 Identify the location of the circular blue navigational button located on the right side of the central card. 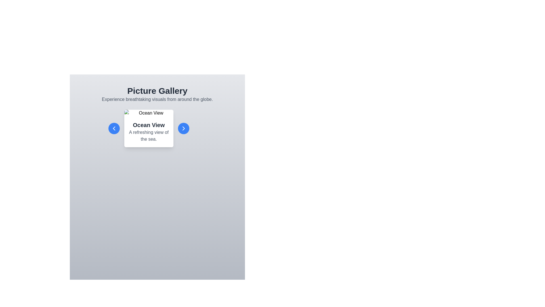
(183, 128).